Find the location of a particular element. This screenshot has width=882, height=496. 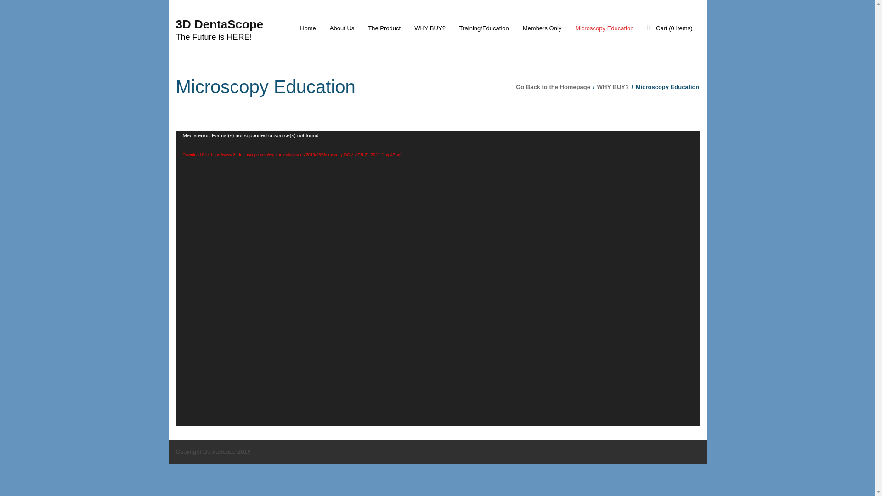

'Members Only' is located at coordinates (542, 28).